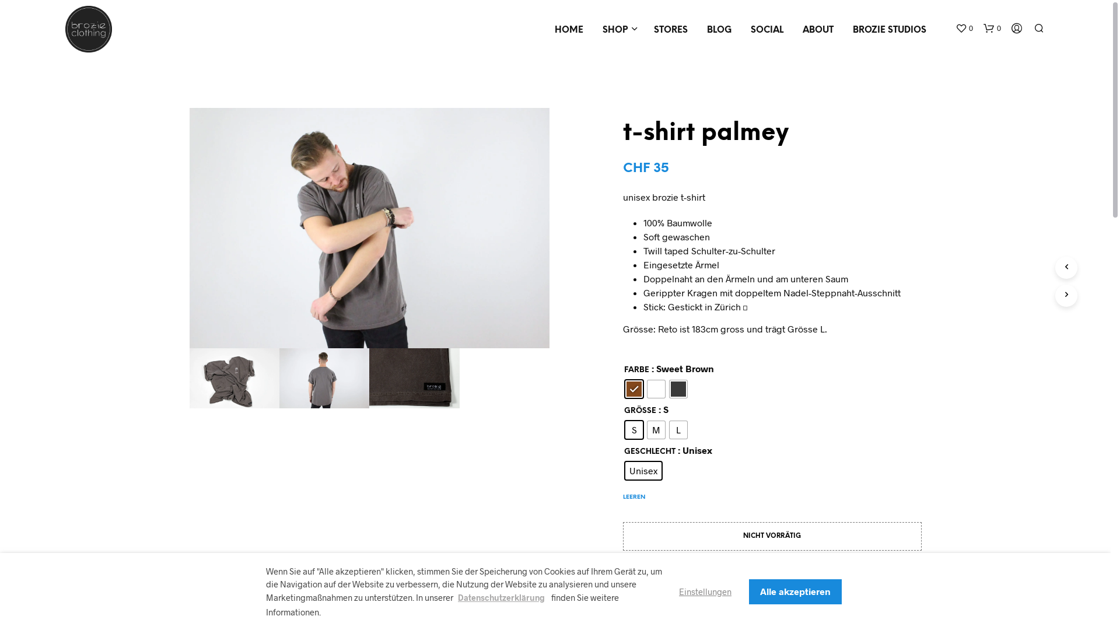 The width and height of the screenshot is (1120, 630). What do you see at coordinates (794, 591) in the screenshot?
I see `'Alle akzeptieren'` at bounding box center [794, 591].